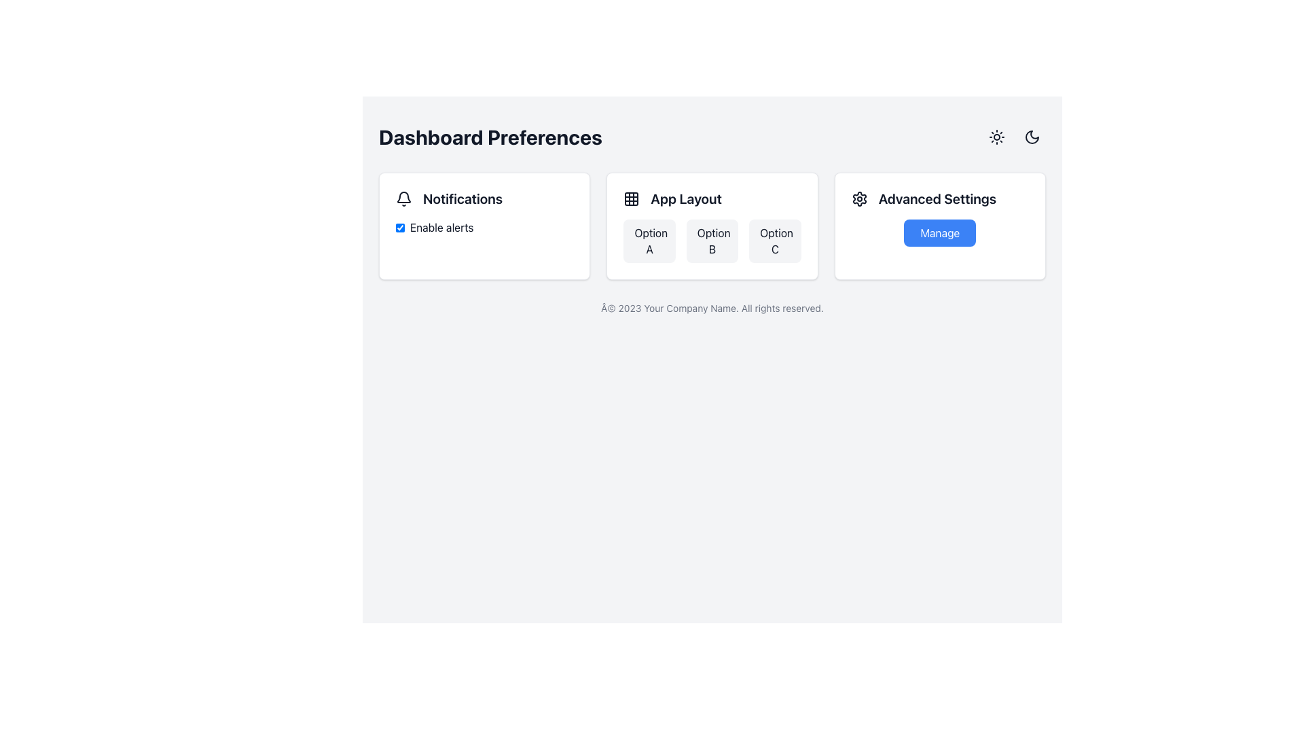  Describe the element at coordinates (399, 227) in the screenshot. I see `the checkbox located to the left of the 'Enable alerts' label within the 'Notifications' card` at that location.